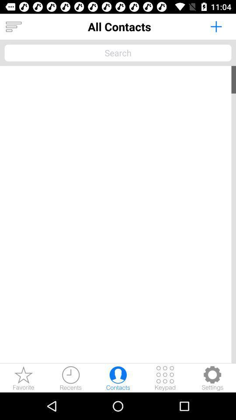 This screenshot has height=420, width=236. Describe the element at coordinates (118, 378) in the screenshot. I see `contacts` at that location.